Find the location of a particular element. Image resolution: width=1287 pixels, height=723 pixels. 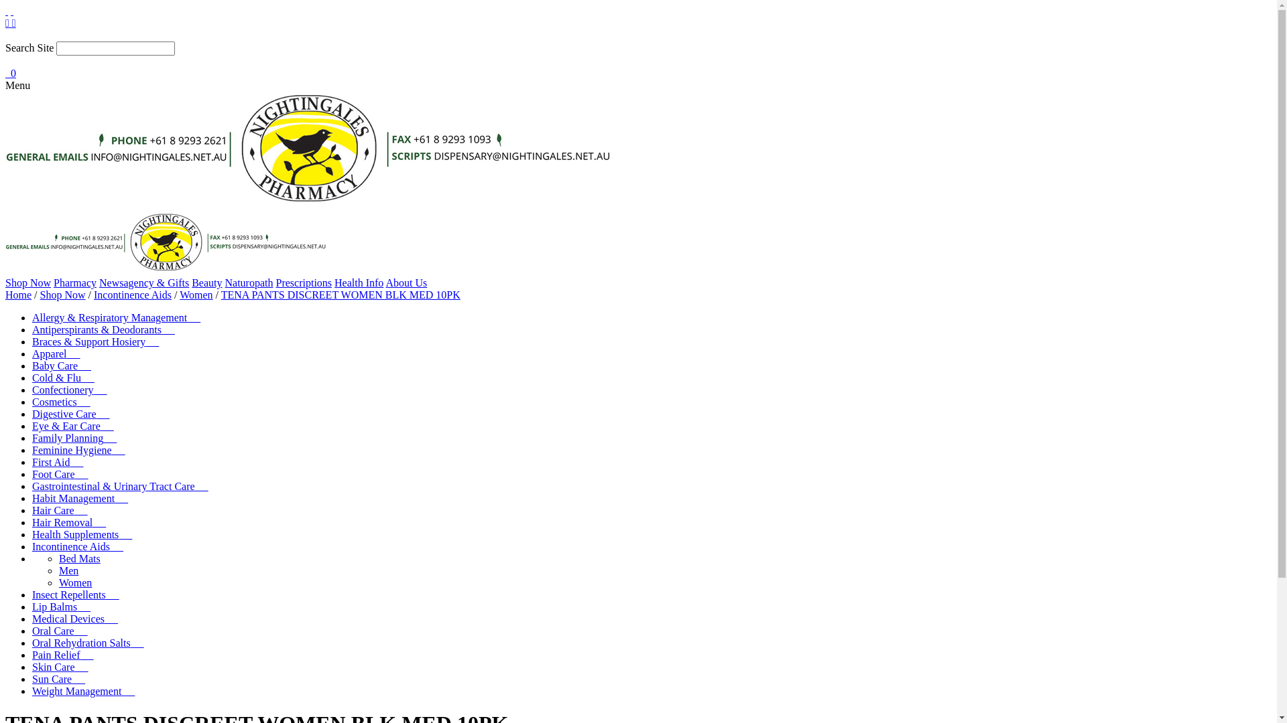

'Digestive Care     ' is located at coordinates (32, 413).